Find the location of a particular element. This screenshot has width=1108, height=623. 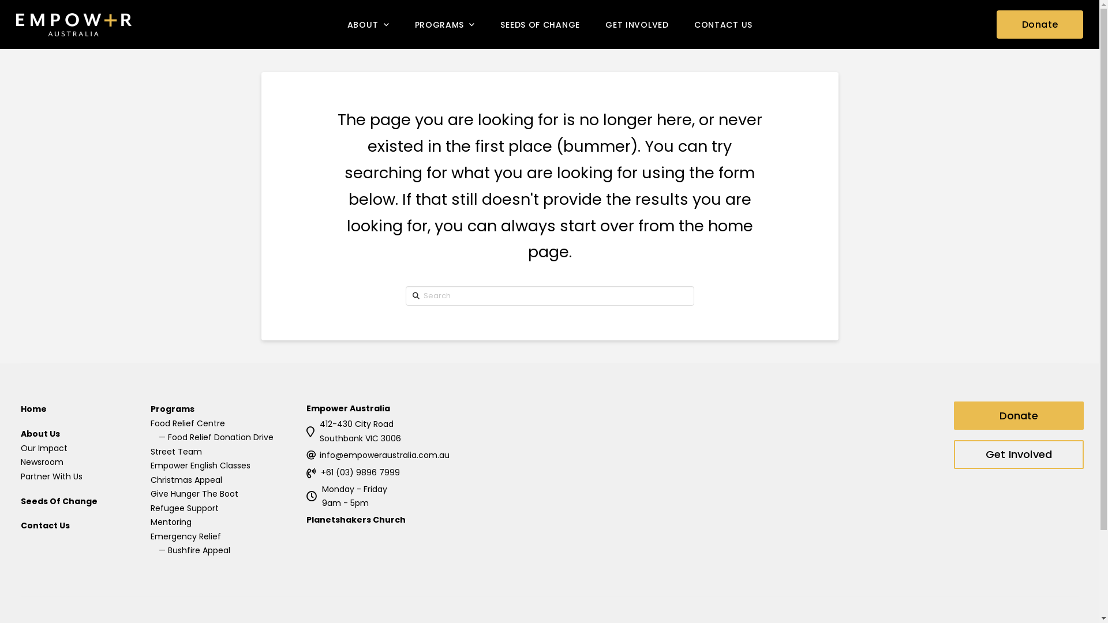

'Street Team' is located at coordinates (175, 451).